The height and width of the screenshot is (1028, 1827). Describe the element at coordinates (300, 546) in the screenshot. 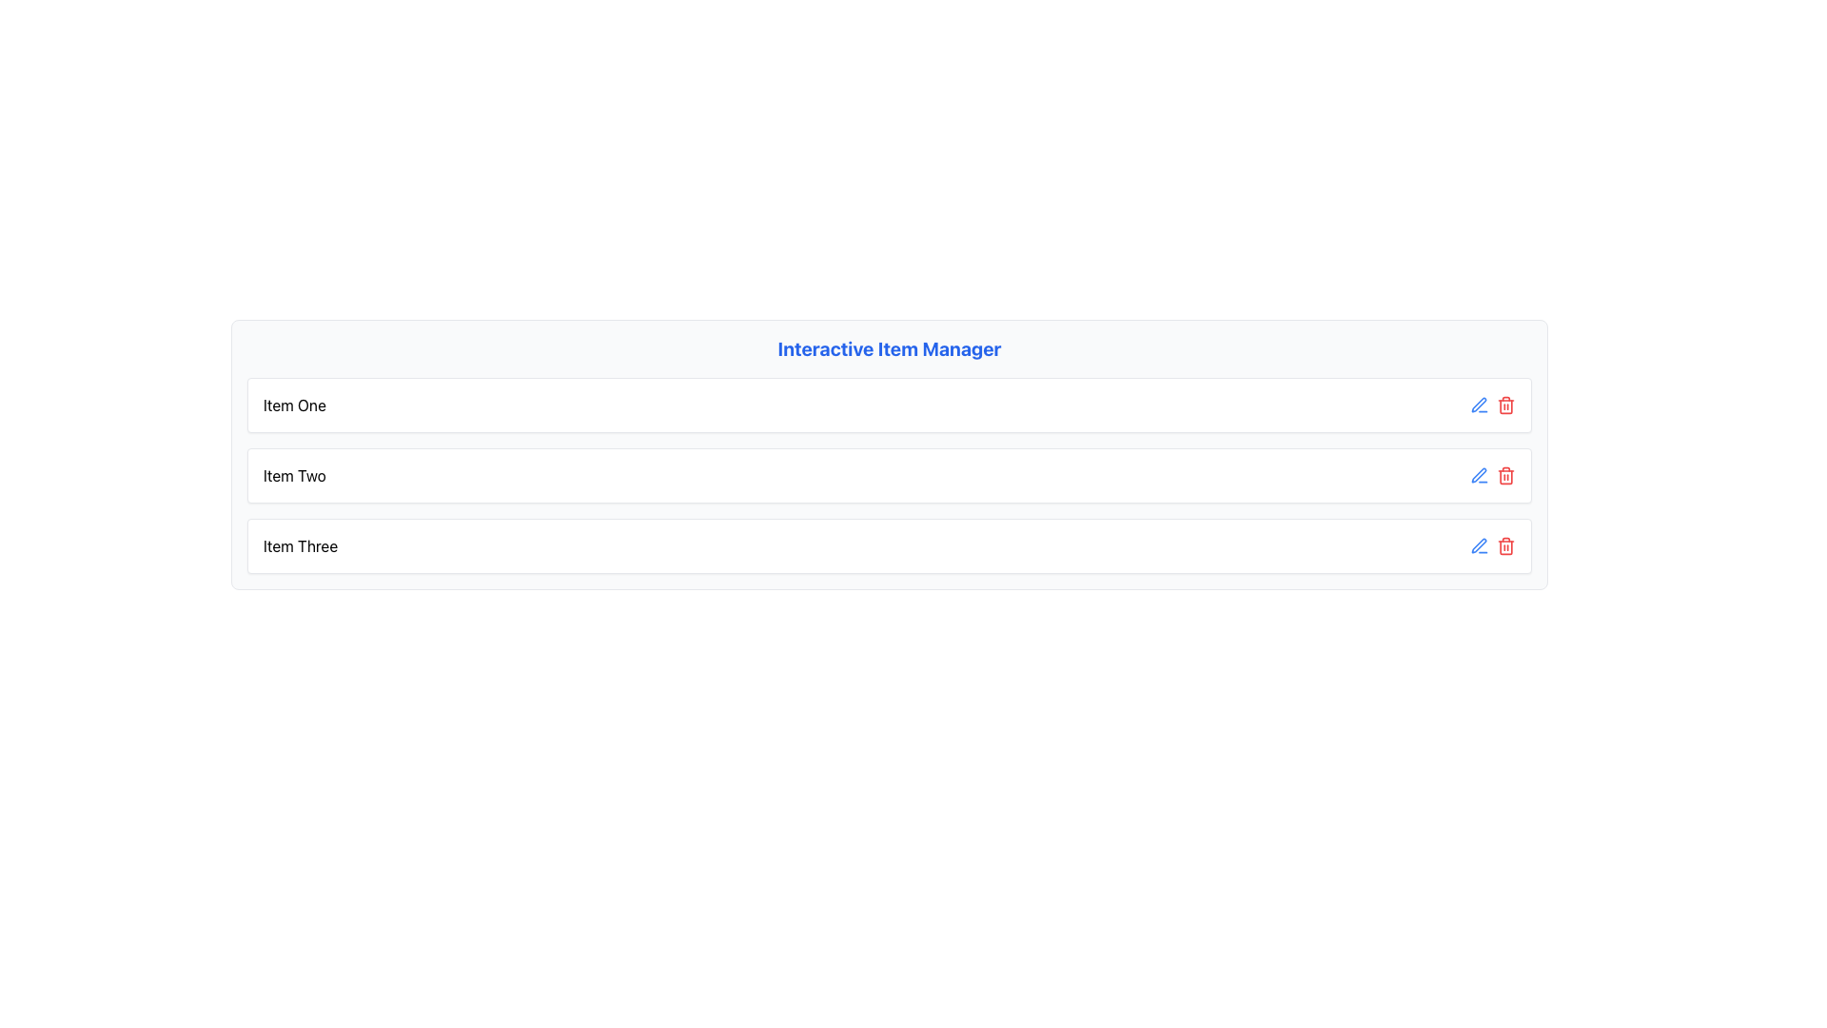

I see `the static text label indicating the third item in the list of interactive items` at that location.